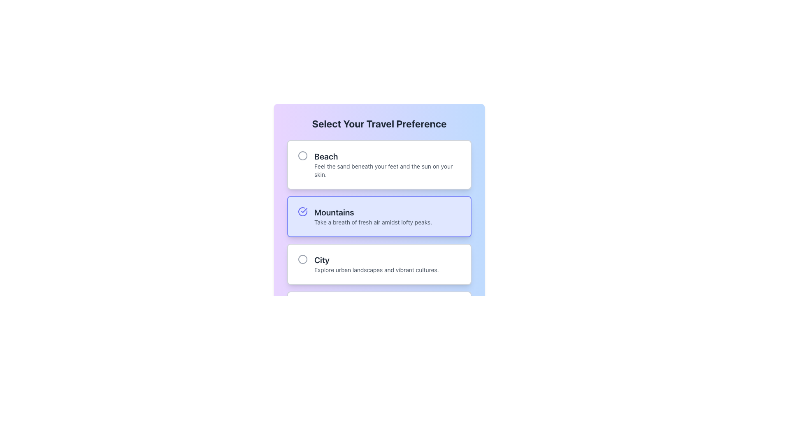 Image resolution: width=790 pixels, height=444 pixels. I want to click on the second radio button for travel preferences (which is highlighted with a distinct background) using the keyboard tab and select it using the space or enter key, so click(379, 236).